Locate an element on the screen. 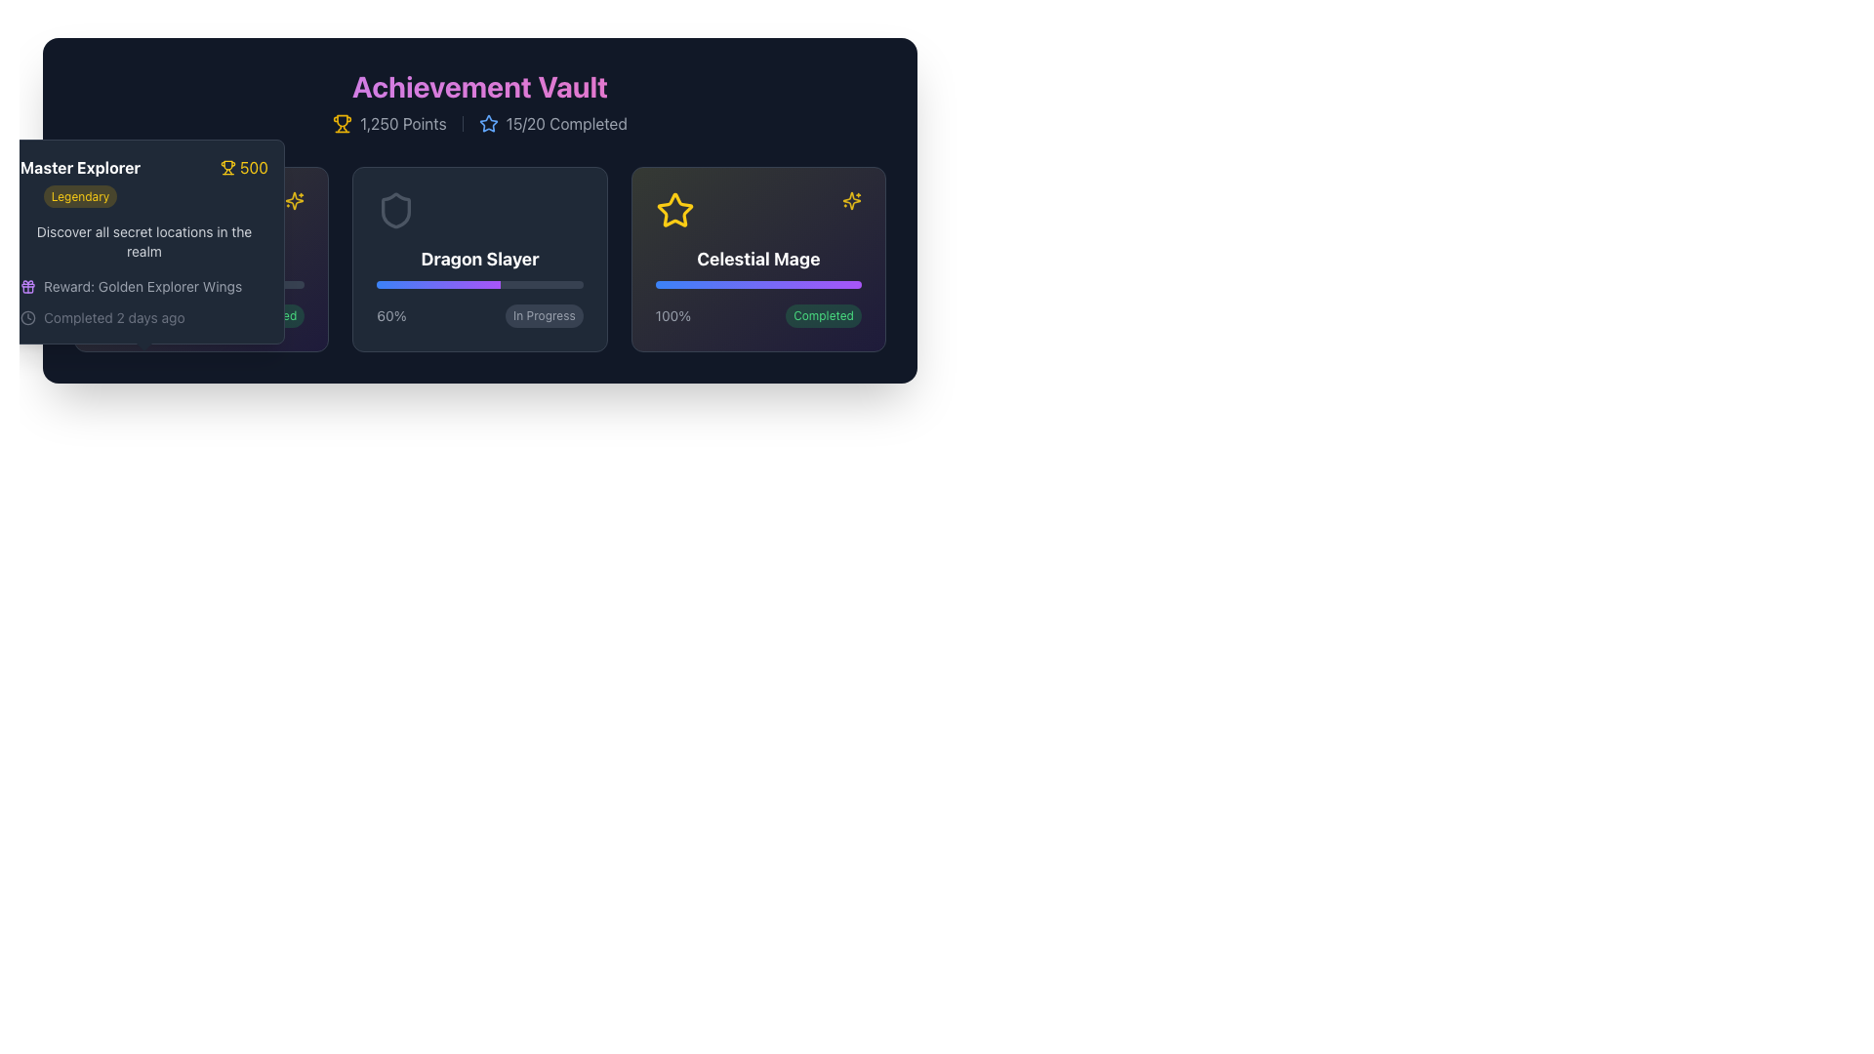 The height and width of the screenshot is (1054, 1874). achievement details from the progress indicator card titled 'Dragon Slayer', which shows a progress of 60% and a status of 'In Progress'. This card is centrally located in the grid of achievement cards below the heading 'Achievement Vault' is located at coordinates (479, 259).